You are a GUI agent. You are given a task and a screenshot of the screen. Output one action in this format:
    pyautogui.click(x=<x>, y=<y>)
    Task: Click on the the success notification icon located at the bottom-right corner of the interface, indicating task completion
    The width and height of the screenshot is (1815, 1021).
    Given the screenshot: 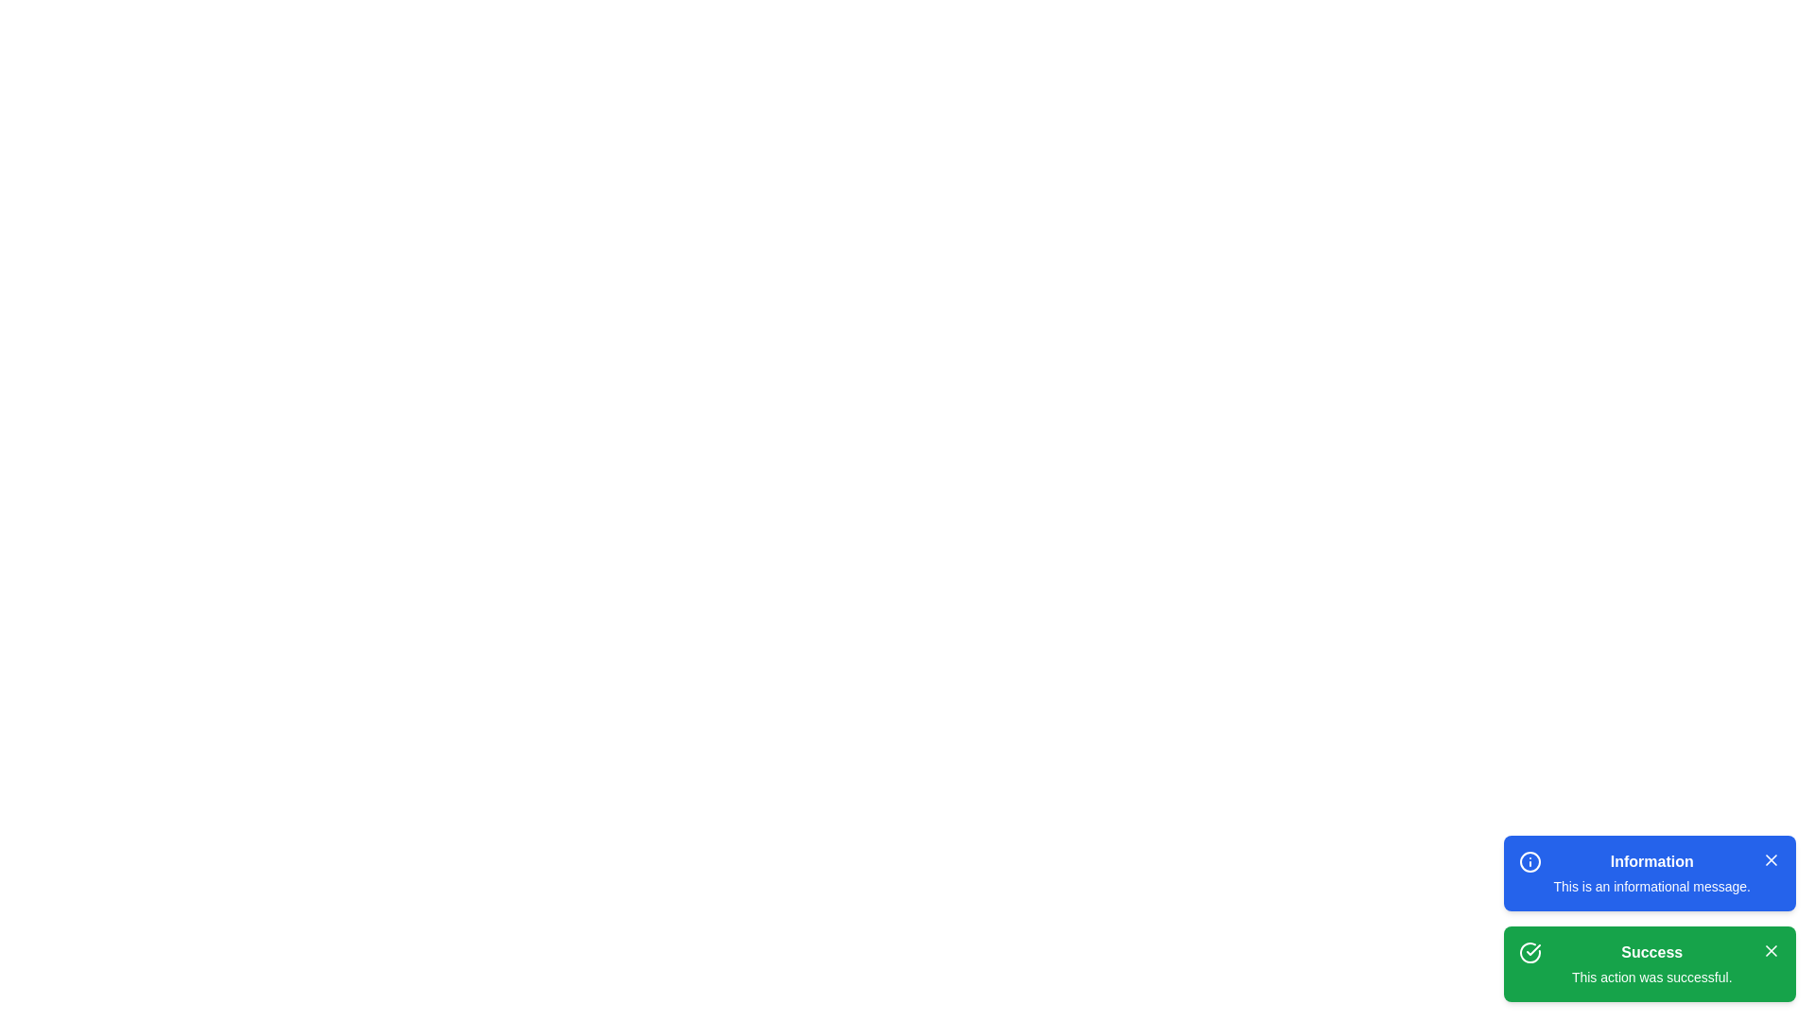 What is the action you would take?
    pyautogui.click(x=1533, y=950)
    